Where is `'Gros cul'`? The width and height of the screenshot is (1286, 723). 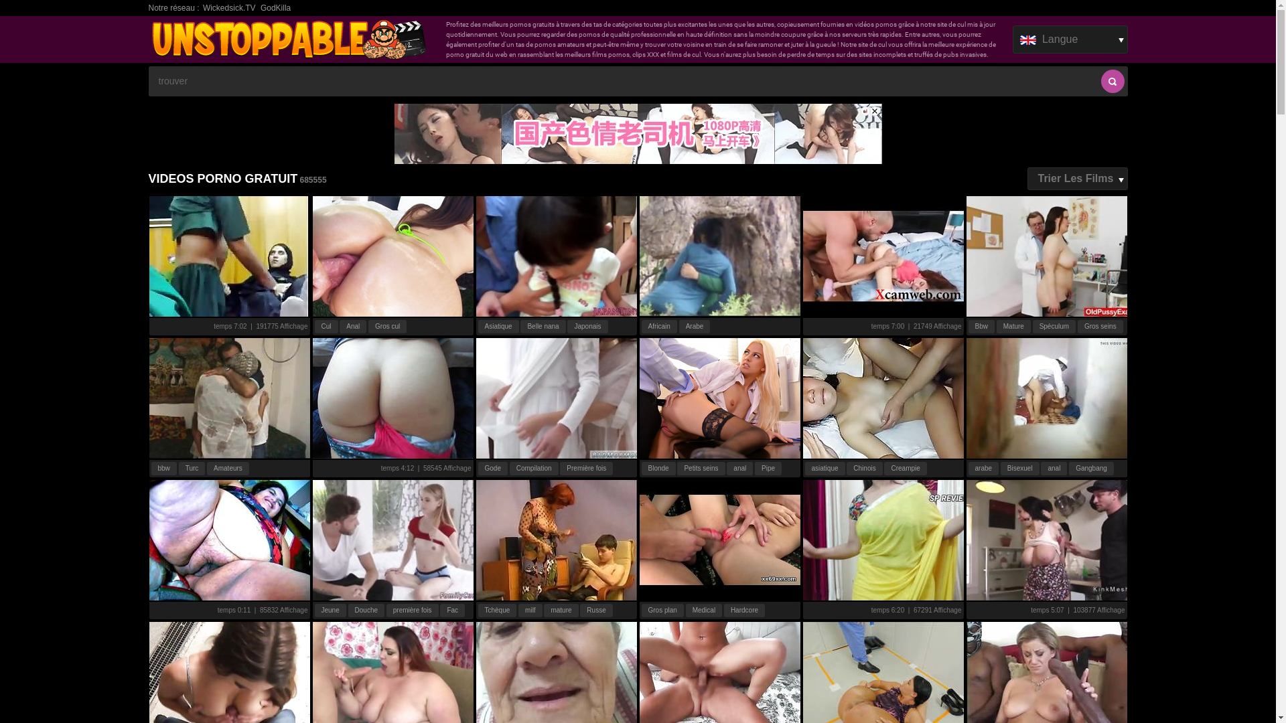
'Gros cul' is located at coordinates (386, 327).